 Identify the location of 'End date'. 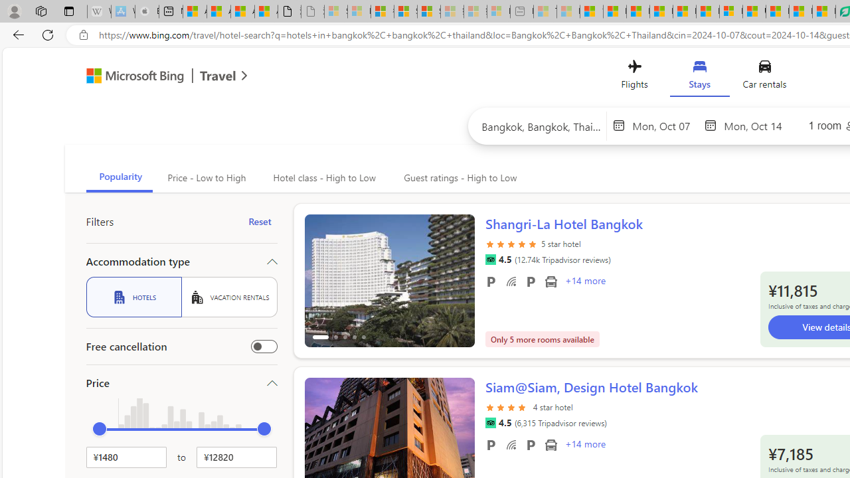
(756, 125).